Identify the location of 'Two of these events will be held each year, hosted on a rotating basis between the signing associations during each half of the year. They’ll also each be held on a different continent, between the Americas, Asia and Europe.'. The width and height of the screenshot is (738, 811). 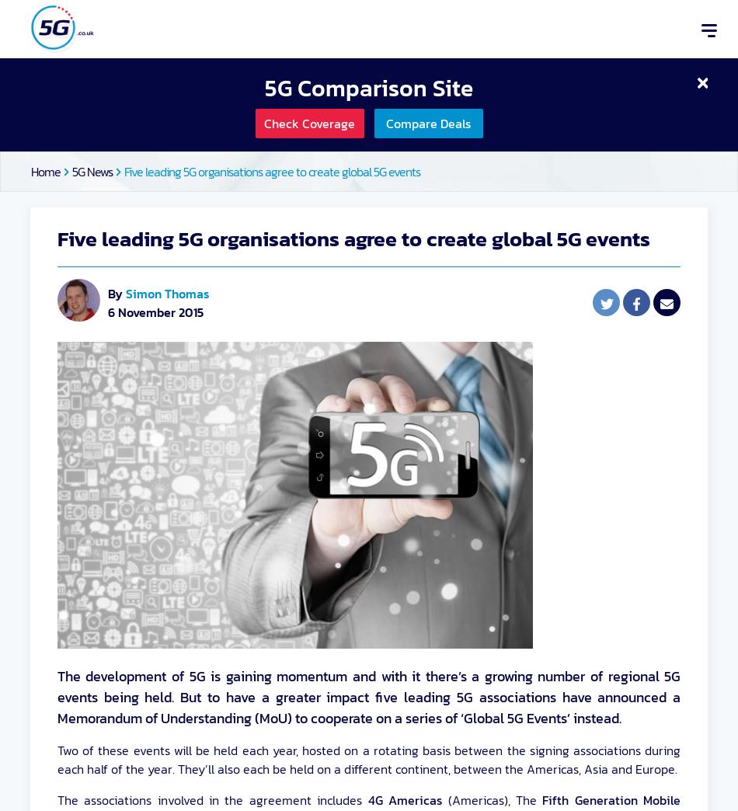
(367, 759).